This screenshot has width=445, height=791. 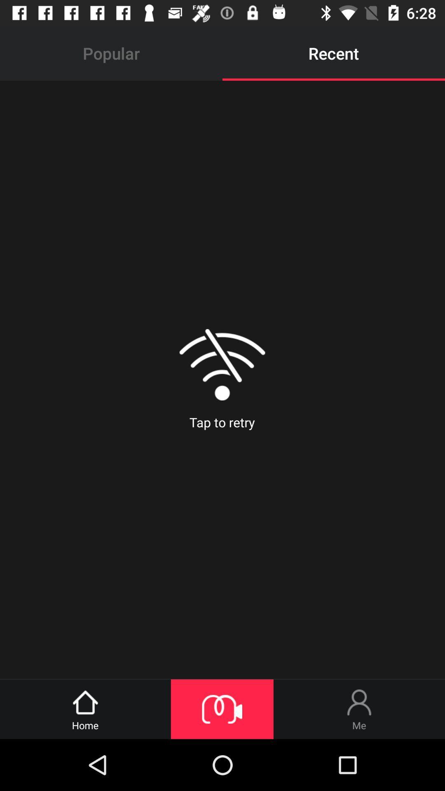 I want to click on item below popular item, so click(x=222, y=379).